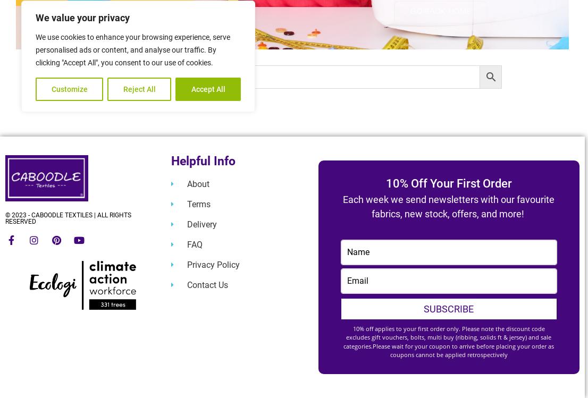 This screenshot has width=588, height=398. What do you see at coordinates (201, 223) in the screenshot?
I see `'Delivery'` at bounding box center [201, 223].